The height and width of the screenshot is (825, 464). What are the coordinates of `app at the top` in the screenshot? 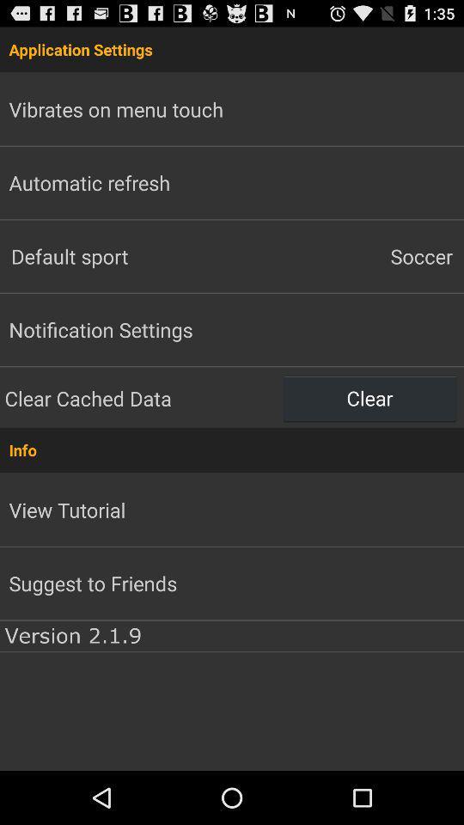 It's located at (232, 48).